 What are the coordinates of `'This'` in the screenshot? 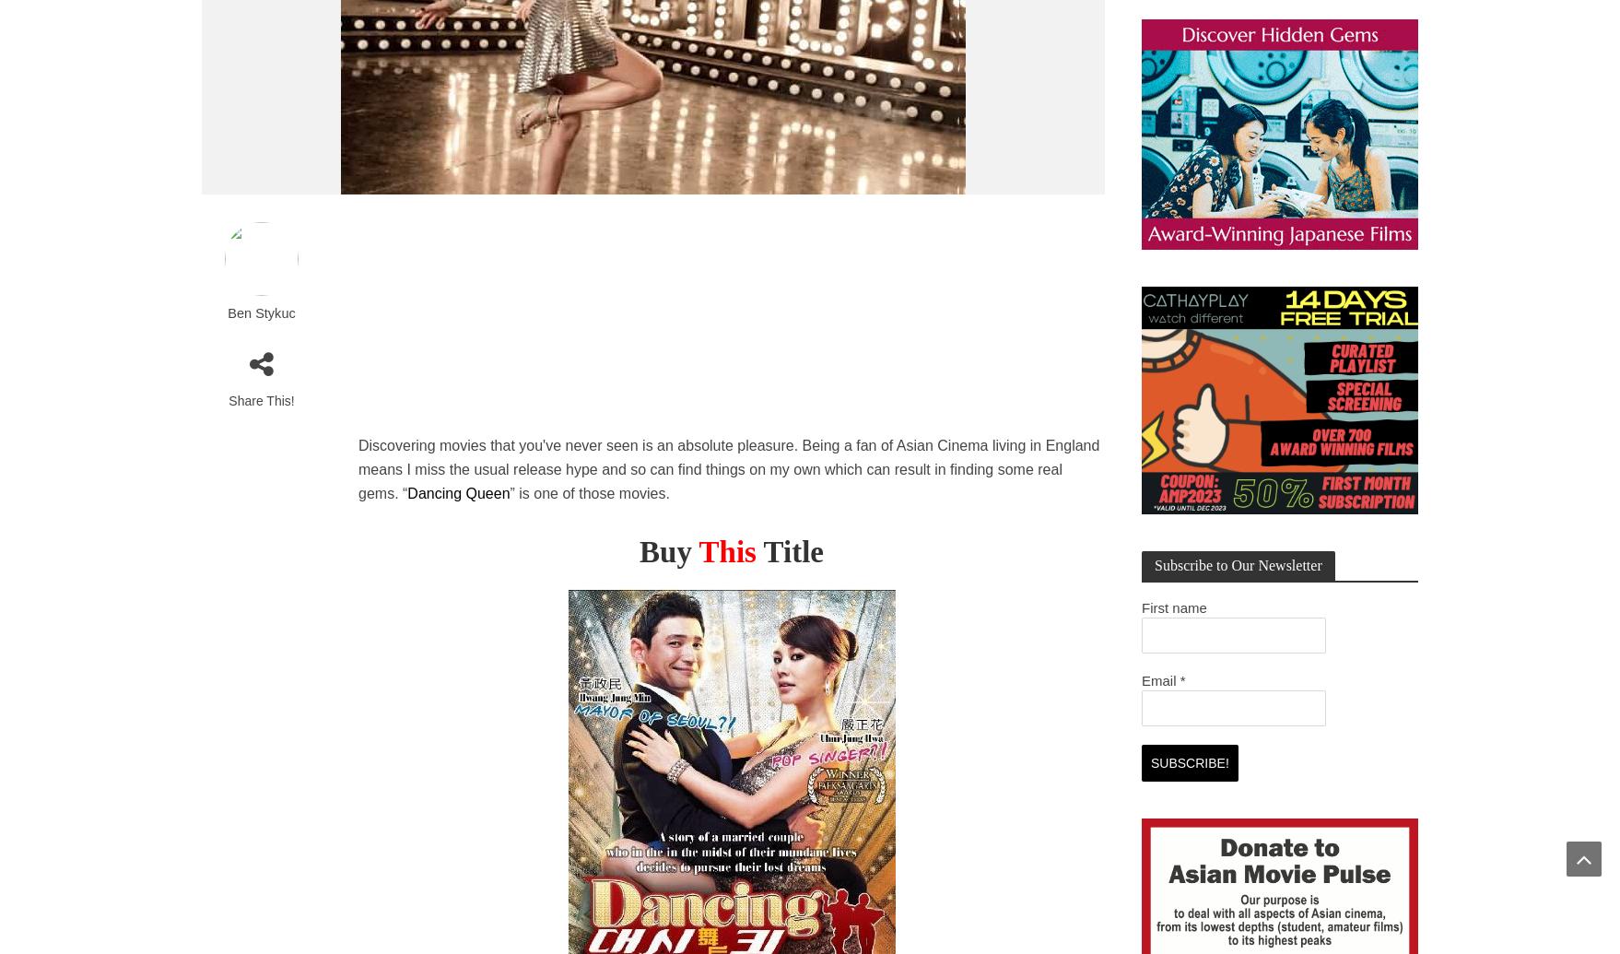 It's located at (725, 550).